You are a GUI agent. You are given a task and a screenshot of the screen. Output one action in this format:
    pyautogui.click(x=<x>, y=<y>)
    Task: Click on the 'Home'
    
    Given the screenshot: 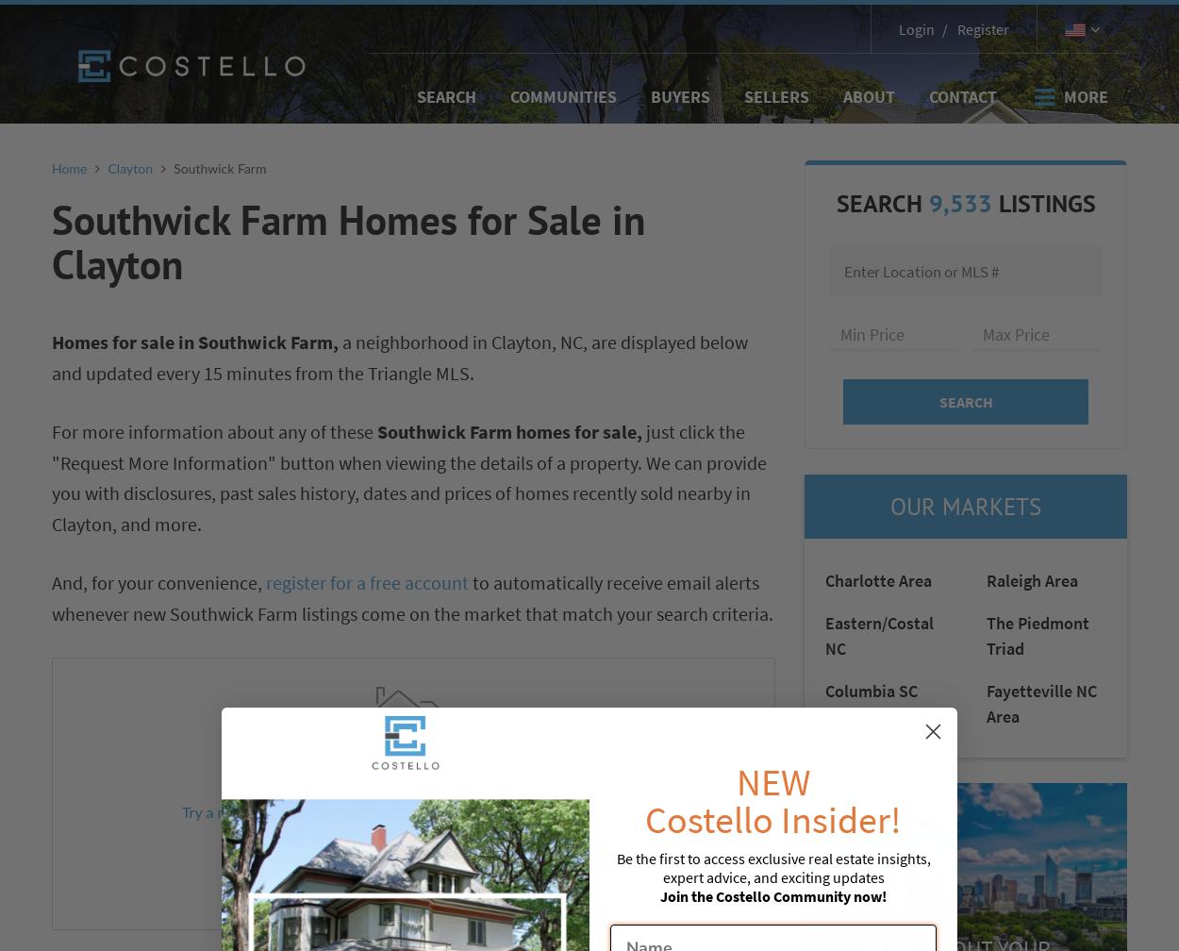 What is the action you would take?
    pyautogui.click(x=68, y=170)
    